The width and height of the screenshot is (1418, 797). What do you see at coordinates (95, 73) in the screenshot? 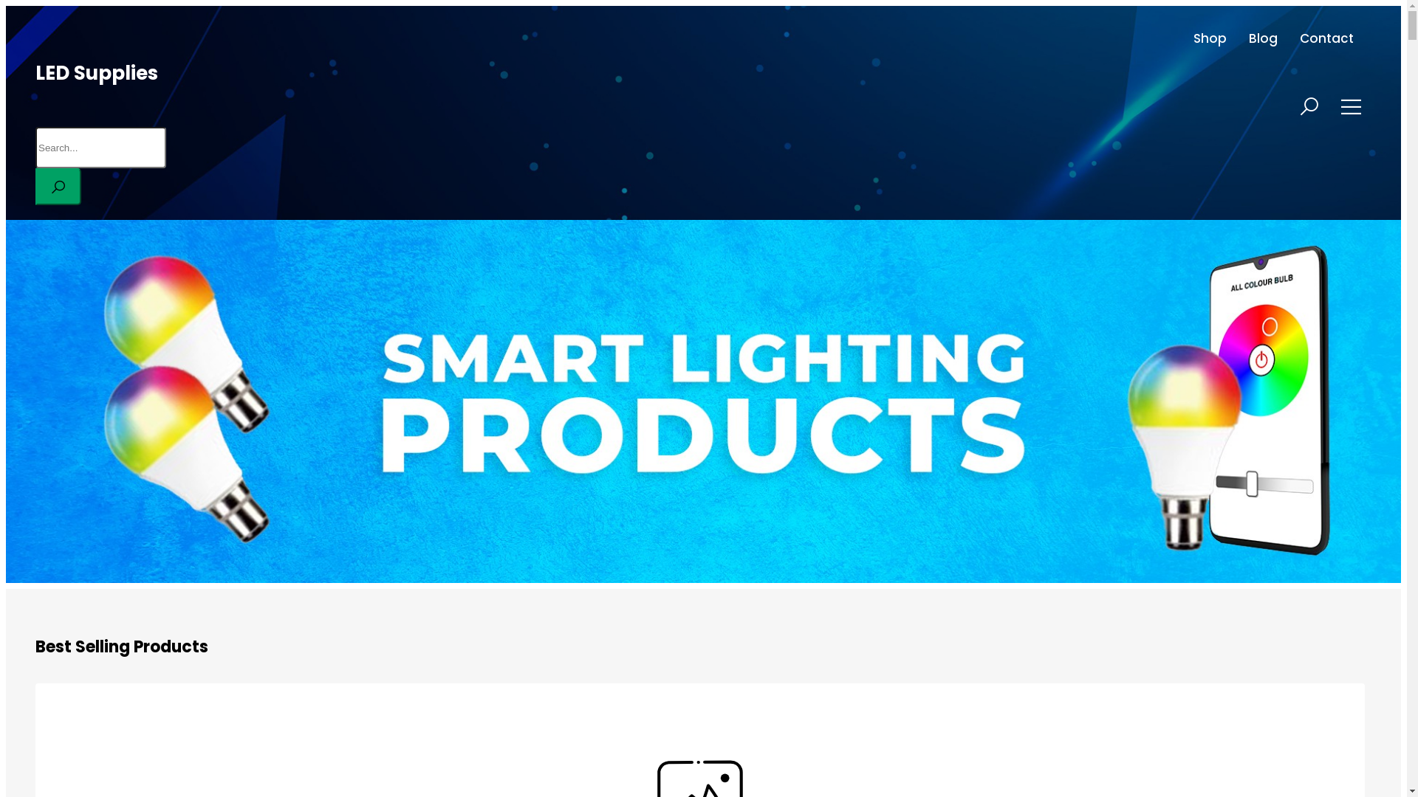
I see `'LED Supplies'` at bounding box center [95, 73].